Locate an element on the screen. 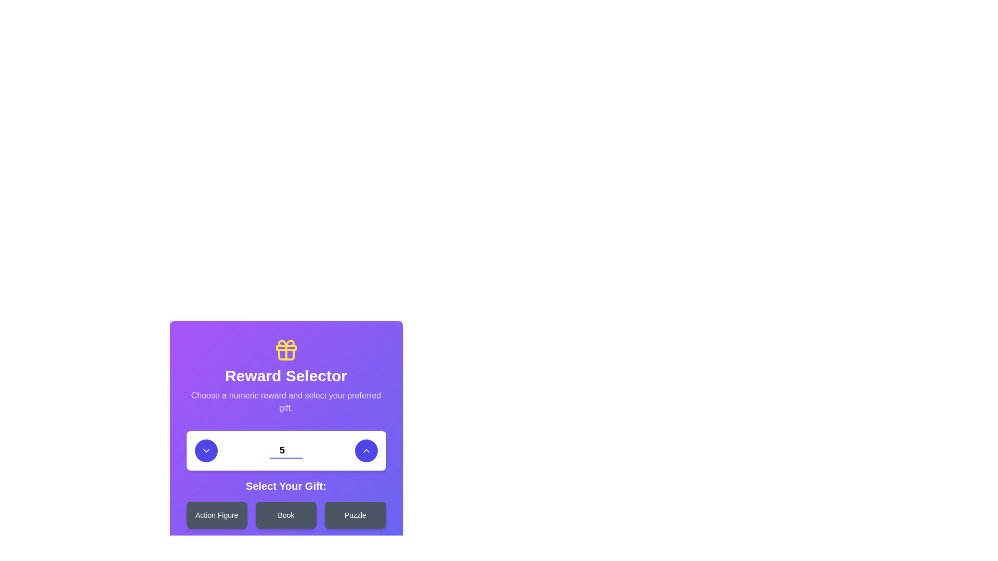 This screenshot has width=998, height=561. the text element that reads 'Choose a numeric reward and select your preferred gift.' which is centrally aligned below the title 'Reward Selector' in a bright purple background is located at coordinates (286, 402).